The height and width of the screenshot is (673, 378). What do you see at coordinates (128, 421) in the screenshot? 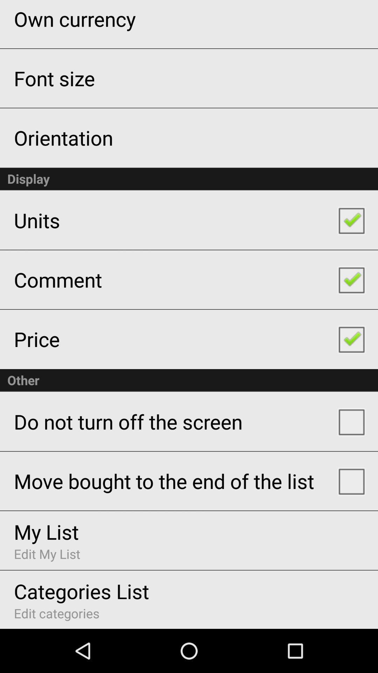
I see `the do not turn icon` at bounding box center [128, 421].